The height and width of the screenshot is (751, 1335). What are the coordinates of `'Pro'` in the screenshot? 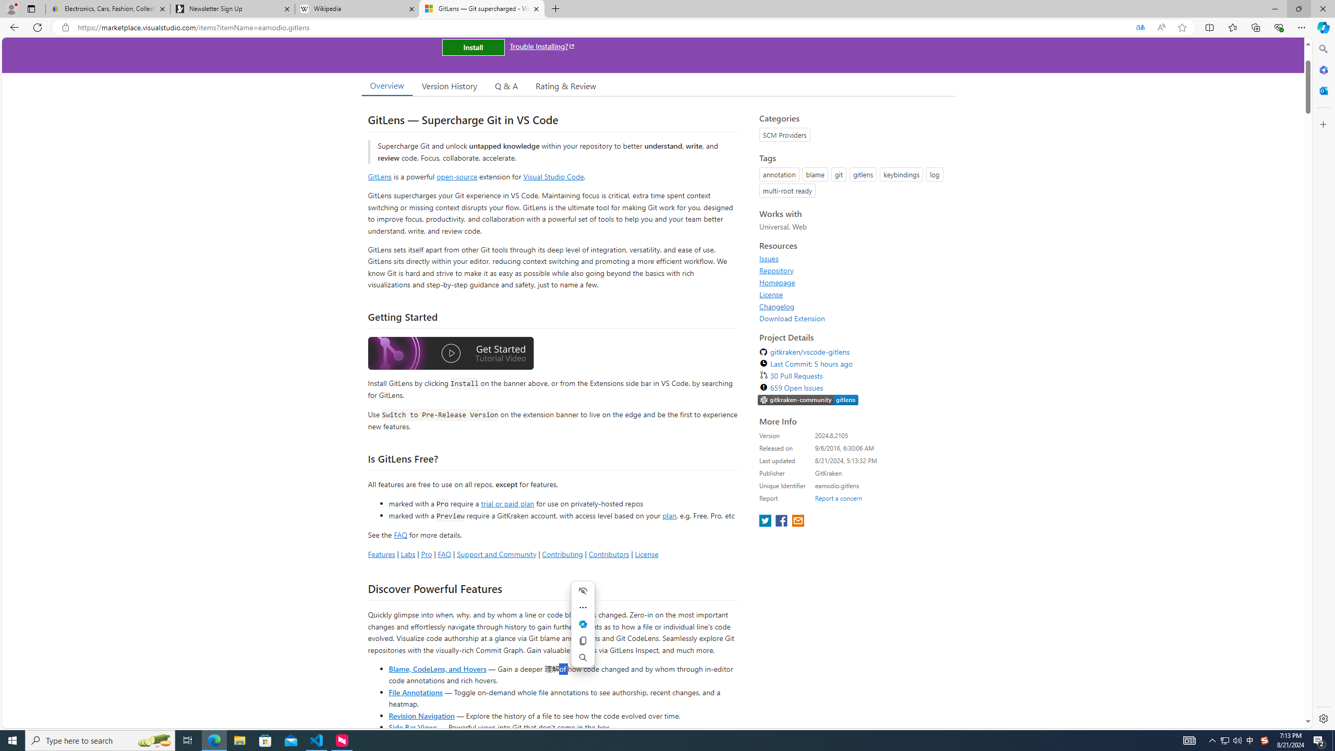 It's located at (426, 553).